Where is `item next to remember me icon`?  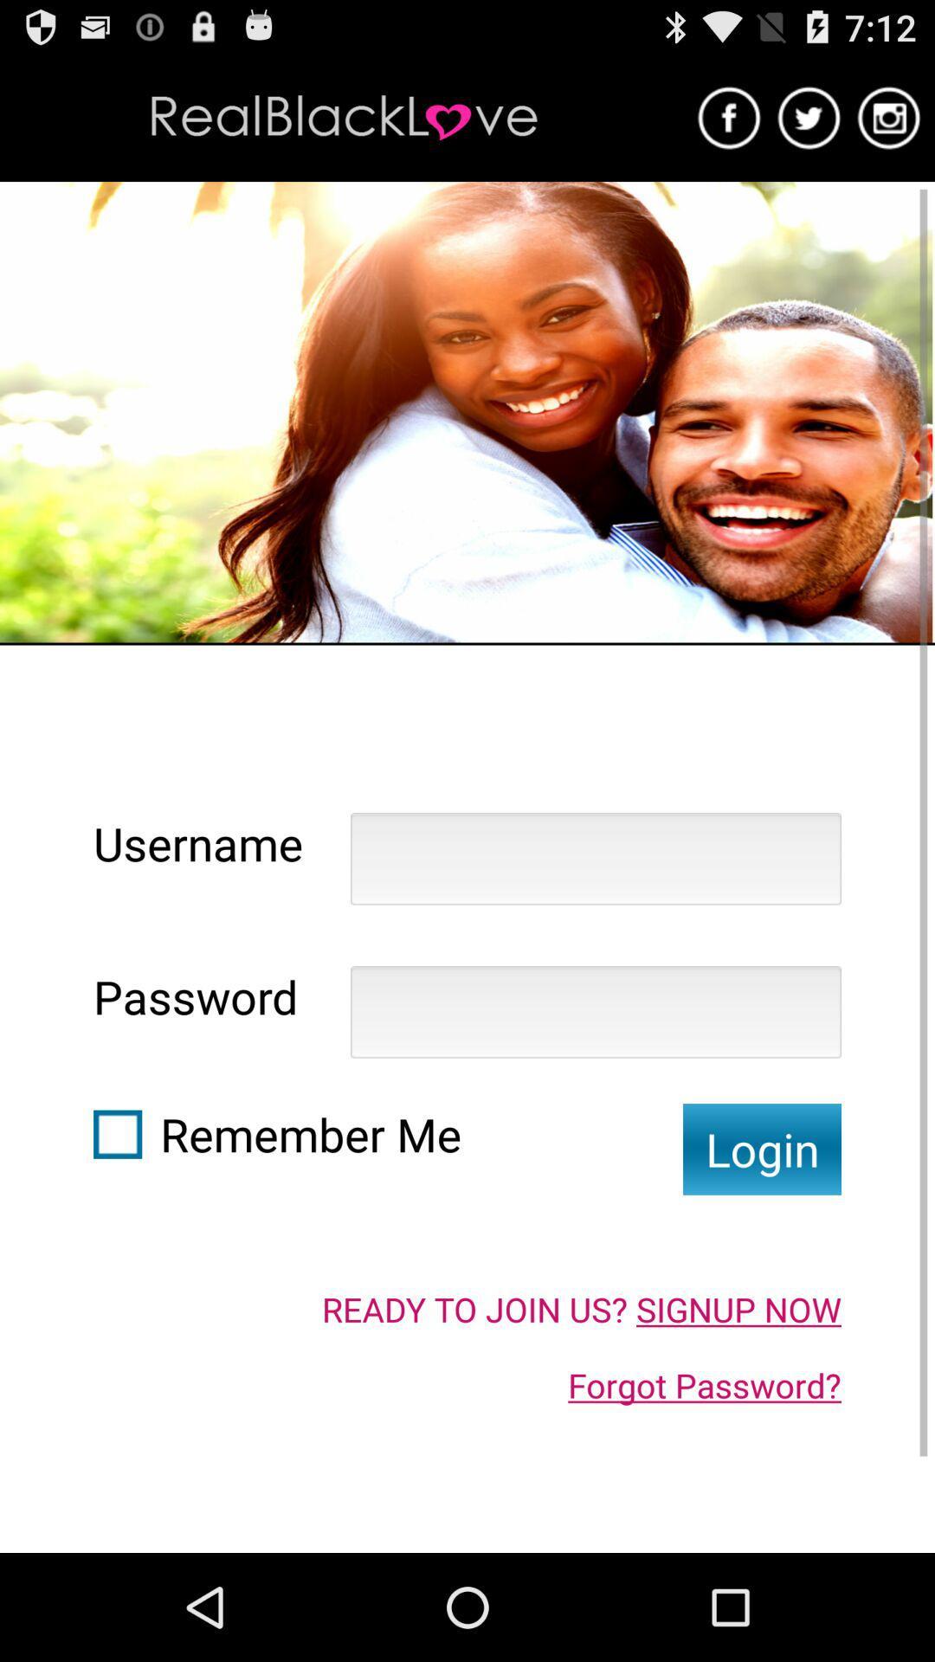
item next to remember me icon is located at coordinates (117, 1134).